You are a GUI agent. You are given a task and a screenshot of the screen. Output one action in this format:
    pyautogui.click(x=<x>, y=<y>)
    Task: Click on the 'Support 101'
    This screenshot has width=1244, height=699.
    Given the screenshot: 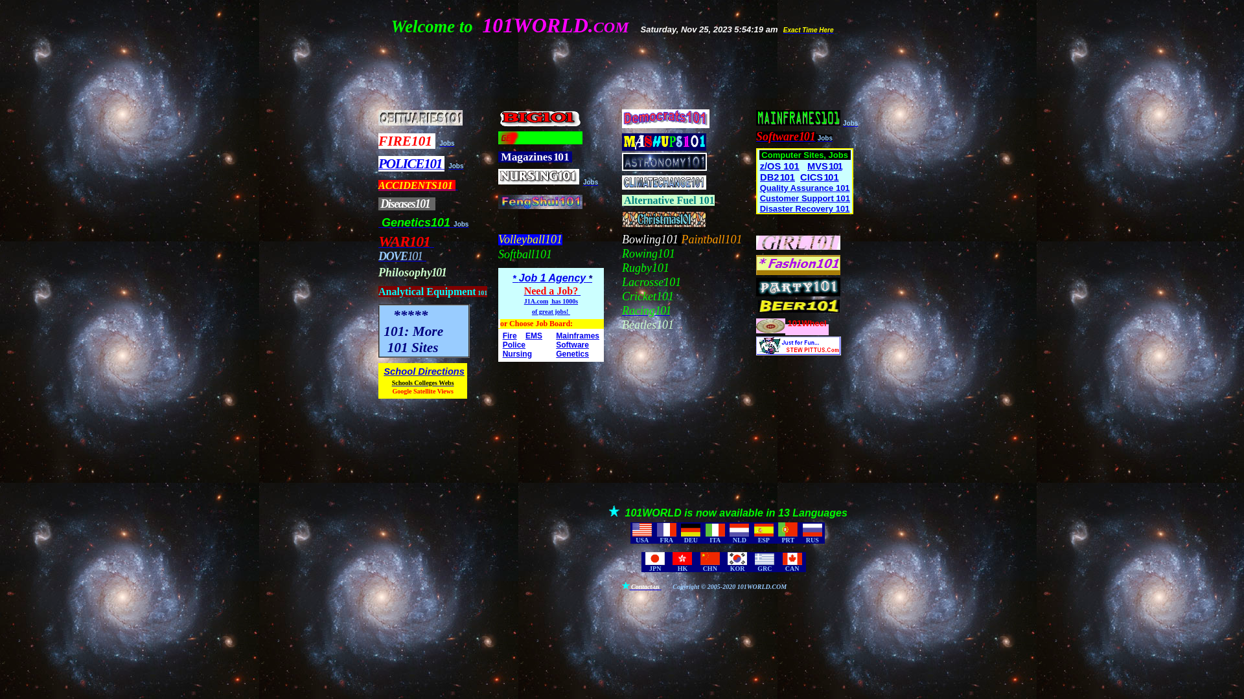 What is the action you would take?
    pyautogui.click(x=801, y=197)
    